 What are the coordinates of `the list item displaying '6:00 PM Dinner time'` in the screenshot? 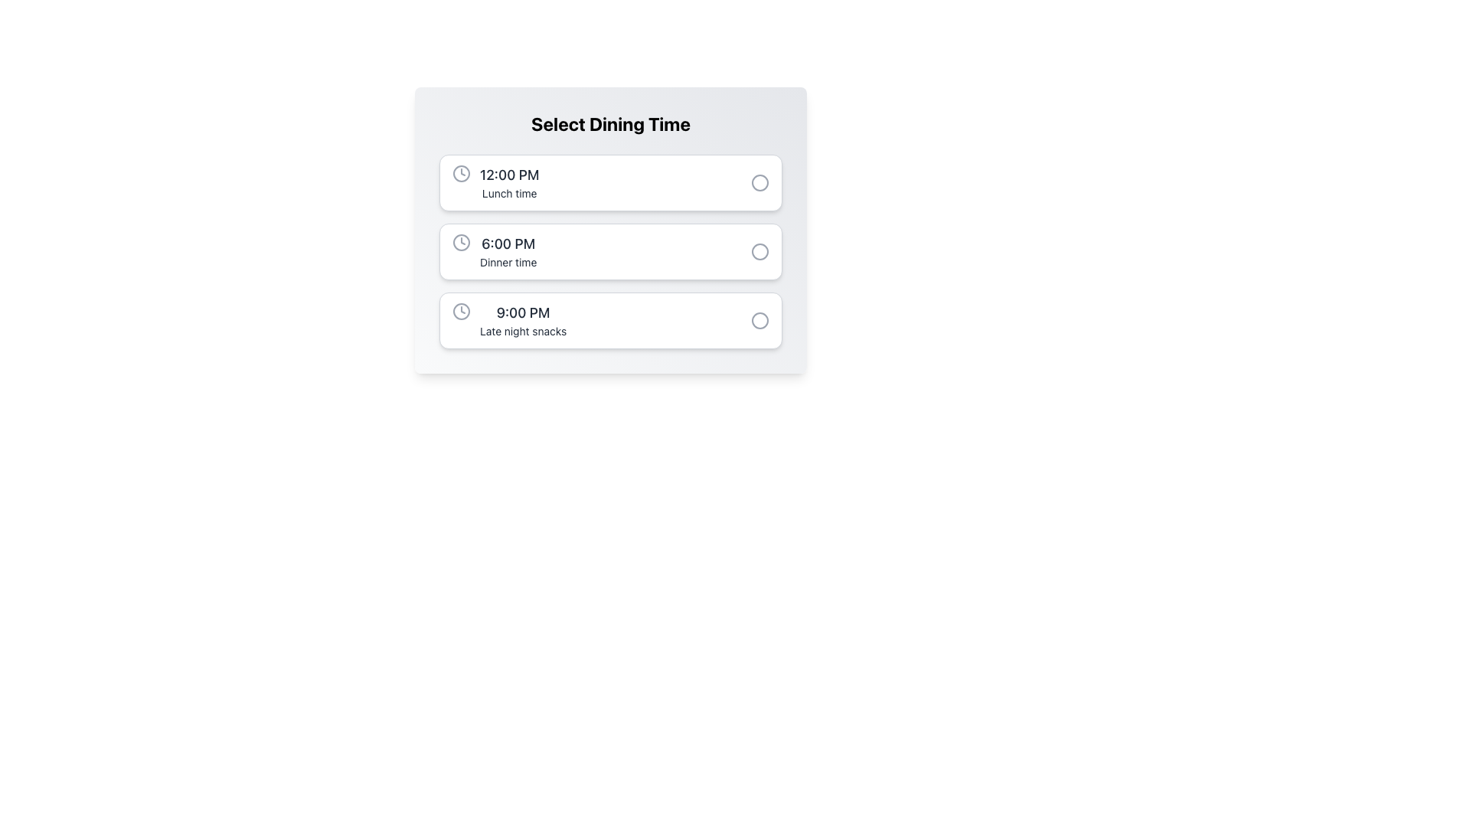 It's located at (495, 250).